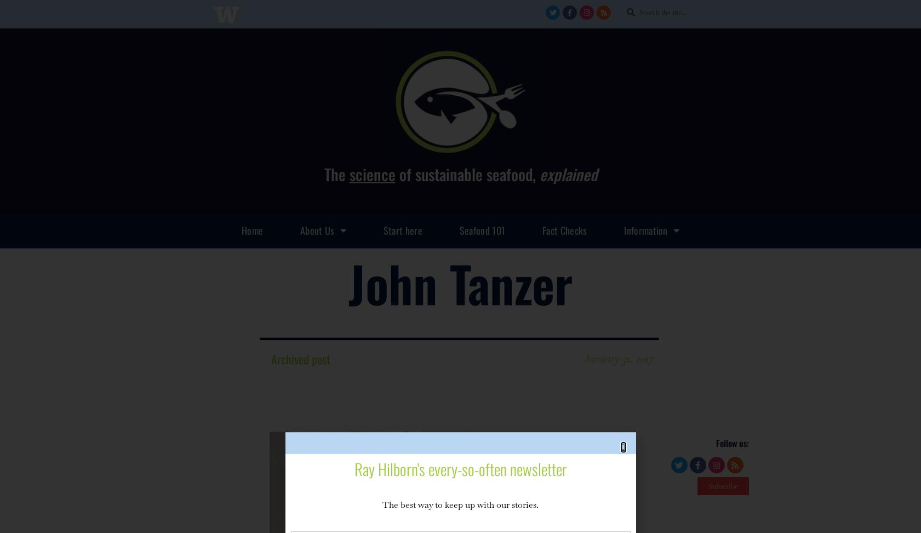  I want to click on 'Home', so click(251, 229).